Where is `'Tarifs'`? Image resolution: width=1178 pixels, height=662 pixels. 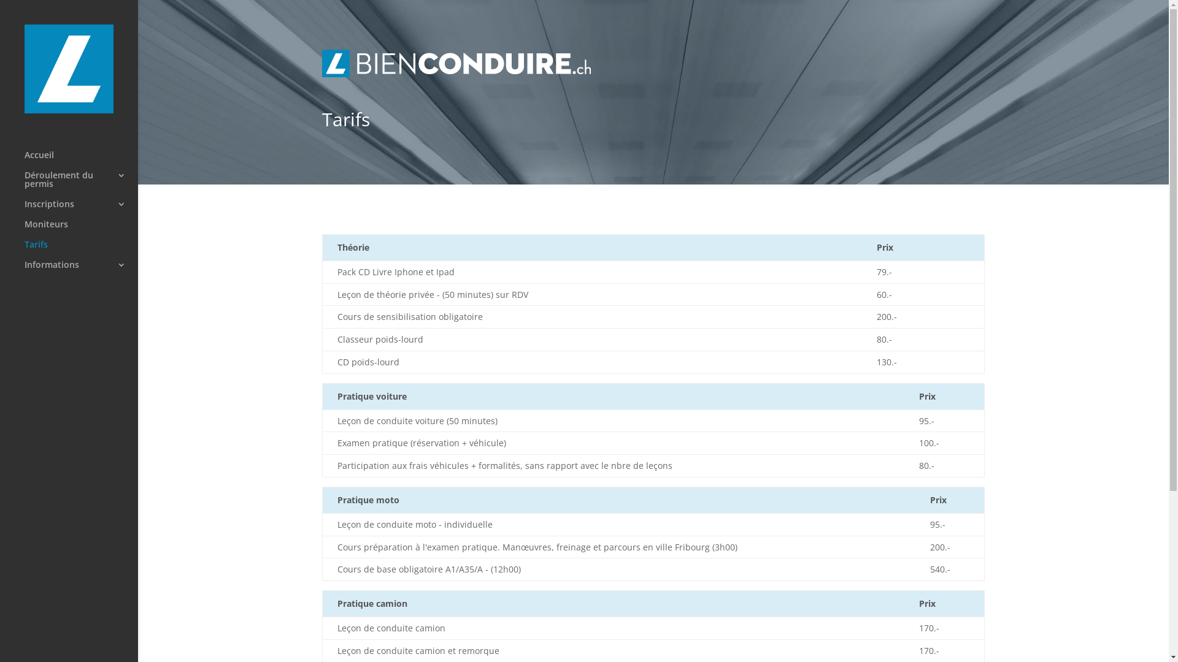 'Tarifs' is located at coordinates (80, 249).